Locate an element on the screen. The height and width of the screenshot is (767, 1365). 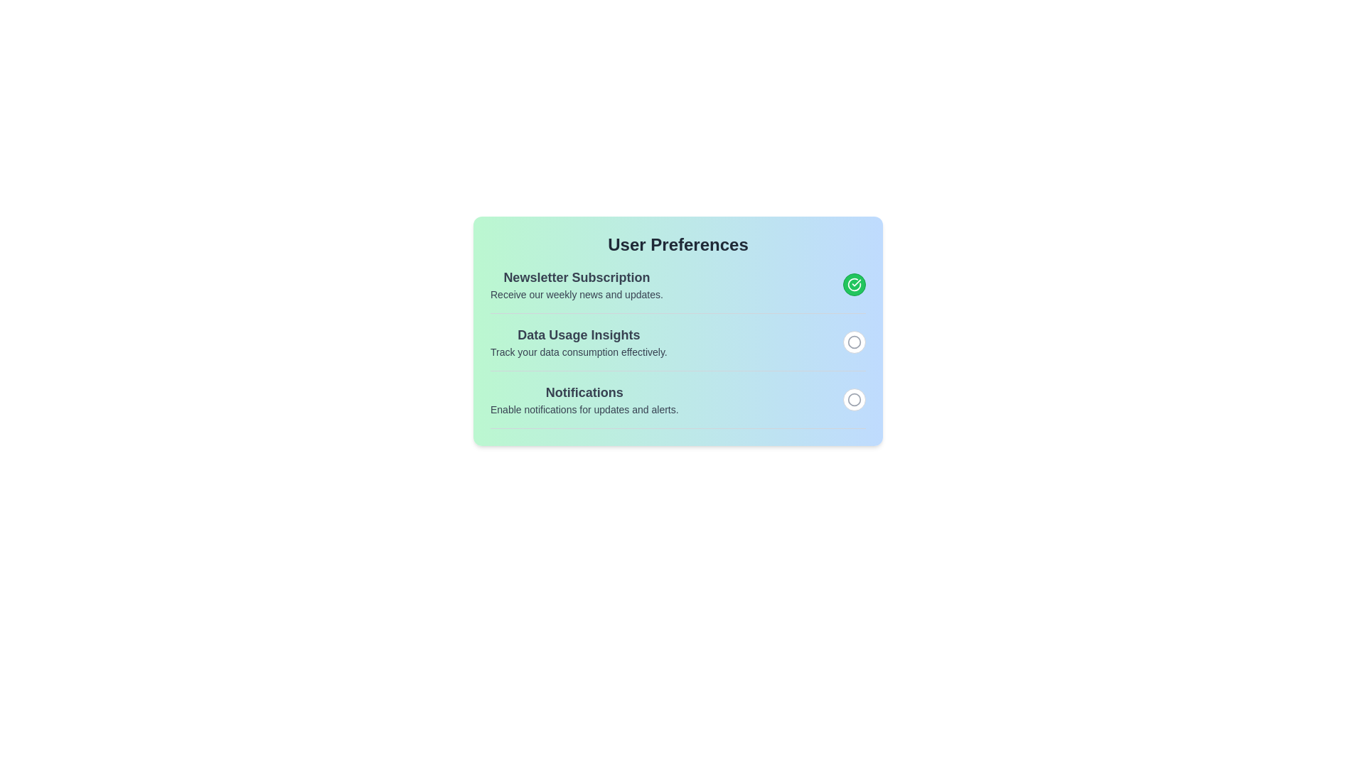
the informational text label that reads 'Receive our weekly news and updates,' which is positioned below the 'Newsletter Subscription' title in the 'User Preferences' interface is located at coordinates (577, 294).